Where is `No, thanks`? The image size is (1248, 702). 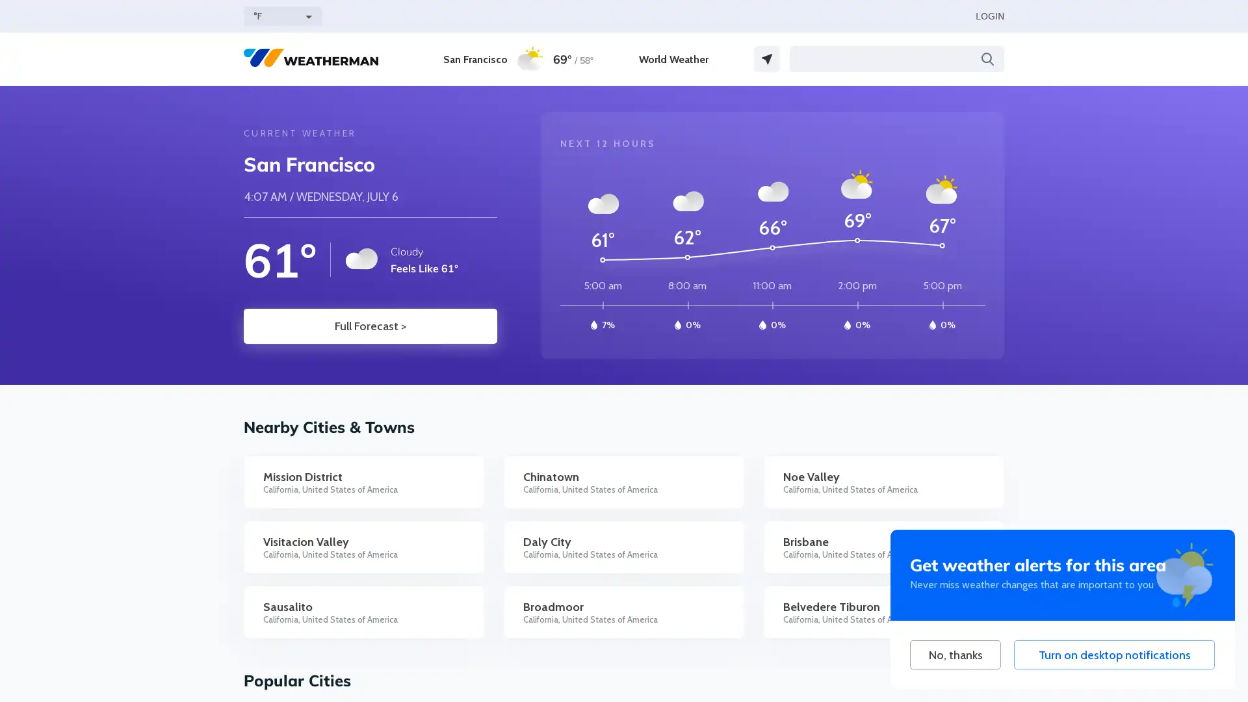
No, thanks is located at coordinates (955, 655).